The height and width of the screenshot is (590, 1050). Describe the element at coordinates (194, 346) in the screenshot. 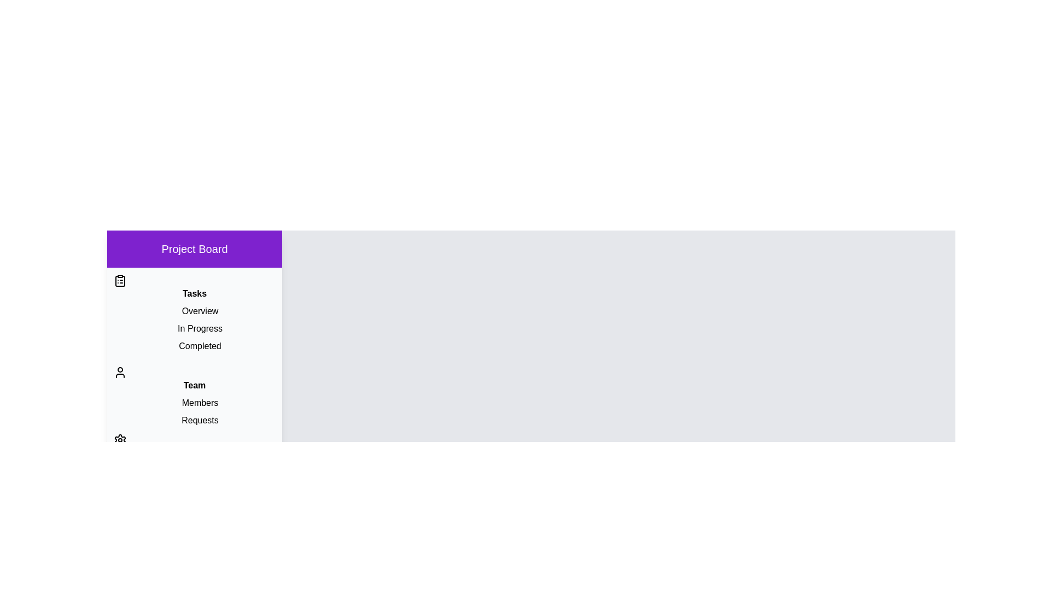

I see `the item Completed to observe its hover effect` at that location.